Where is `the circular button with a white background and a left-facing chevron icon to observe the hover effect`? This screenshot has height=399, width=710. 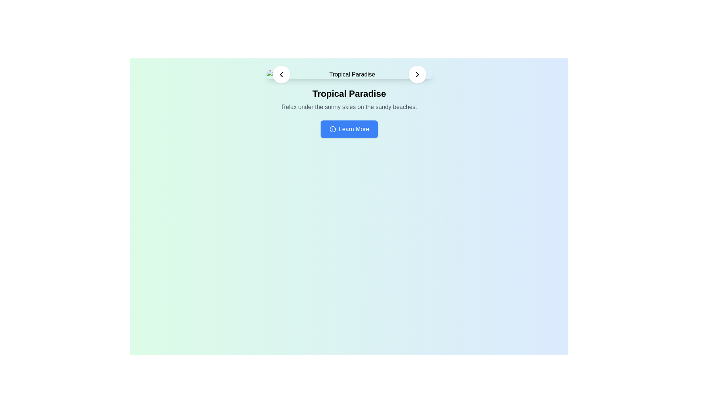 the circular button with a white background and a left-facing chevron icon to observe the hover effect is located at coordinates (281, 74).